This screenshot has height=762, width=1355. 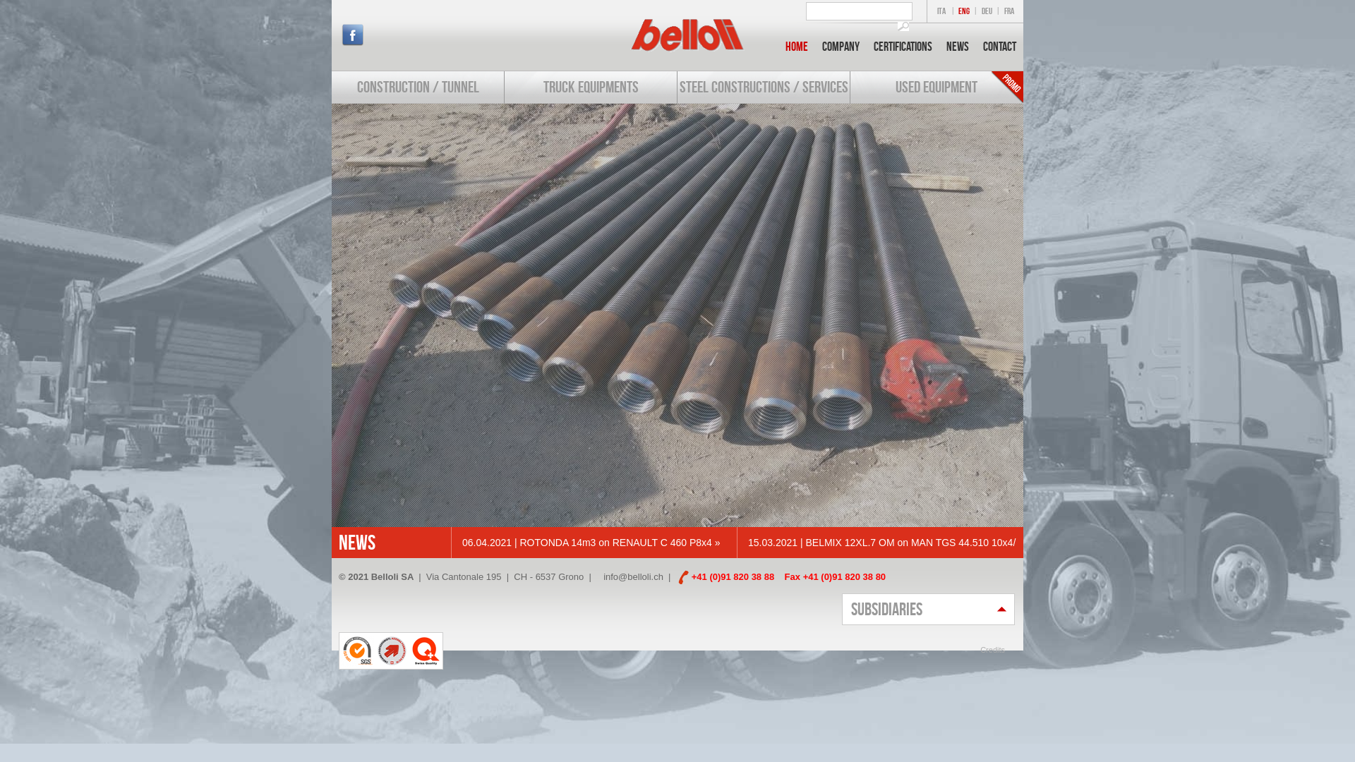 What do you see at coordinates (985, 11) in the screenshot?
I see `'DEU'` at bounding box center [985, 11].